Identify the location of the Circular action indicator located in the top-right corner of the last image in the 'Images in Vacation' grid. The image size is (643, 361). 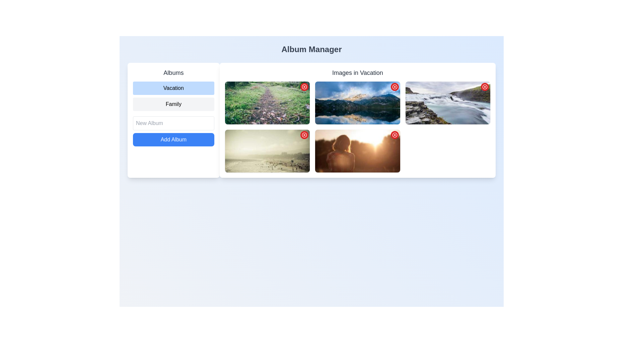
(395, 135).